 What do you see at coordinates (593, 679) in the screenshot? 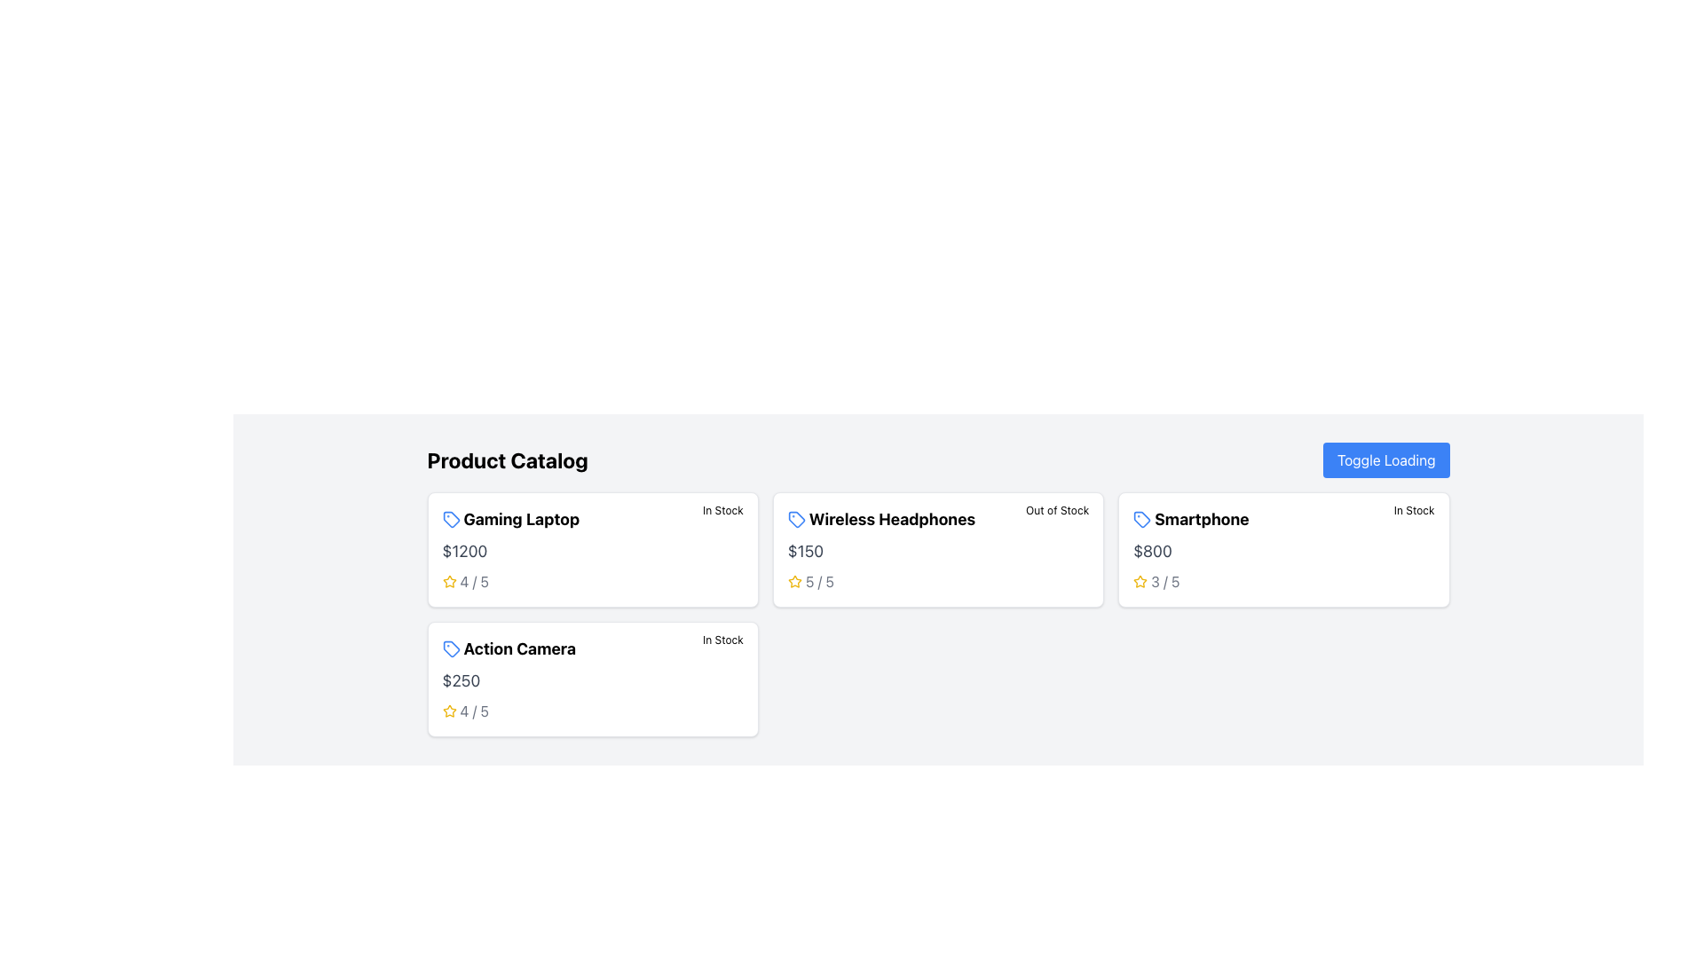
I see `the Product Card titled 'Action Camera' which features a green 'In Stock' badge, located in the second column and second row of the grid layout` at bounding box center [593, 679].